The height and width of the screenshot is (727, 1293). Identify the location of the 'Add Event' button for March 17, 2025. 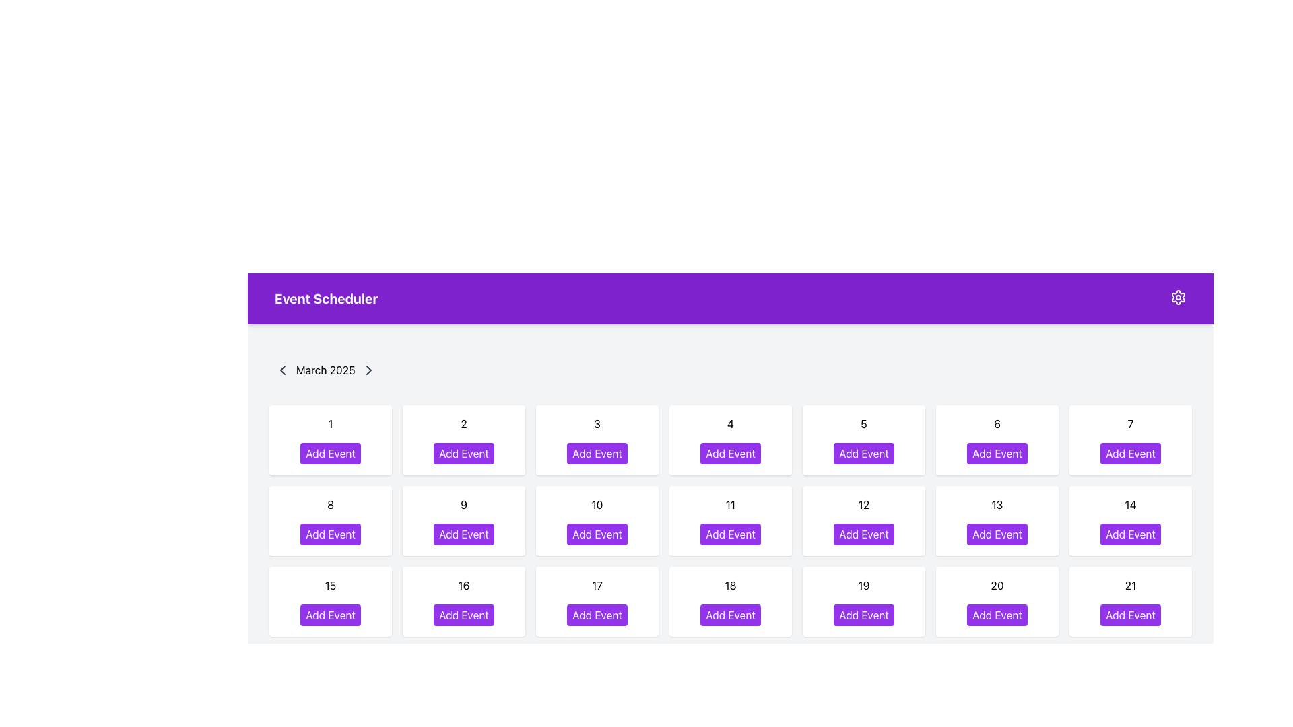
(597, 615).